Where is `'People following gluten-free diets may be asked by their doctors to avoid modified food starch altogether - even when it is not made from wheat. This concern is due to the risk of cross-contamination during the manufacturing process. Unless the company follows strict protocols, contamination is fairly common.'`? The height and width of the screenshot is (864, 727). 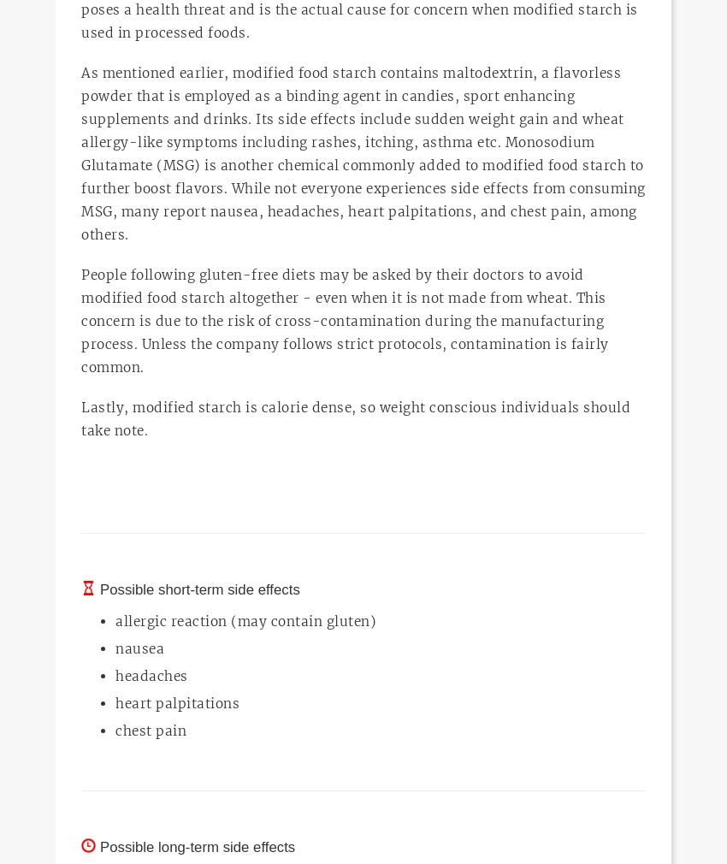
'People following gluten-free diets may be asked by their doctors to avoid modified food starch altogether - even when it is not made from wheat. This concern is due to the risk of cross-contamination during the manufacturing process. Unless the company follows strict protocols, contamination is fairly common.' is located at coordinates (344, 320).